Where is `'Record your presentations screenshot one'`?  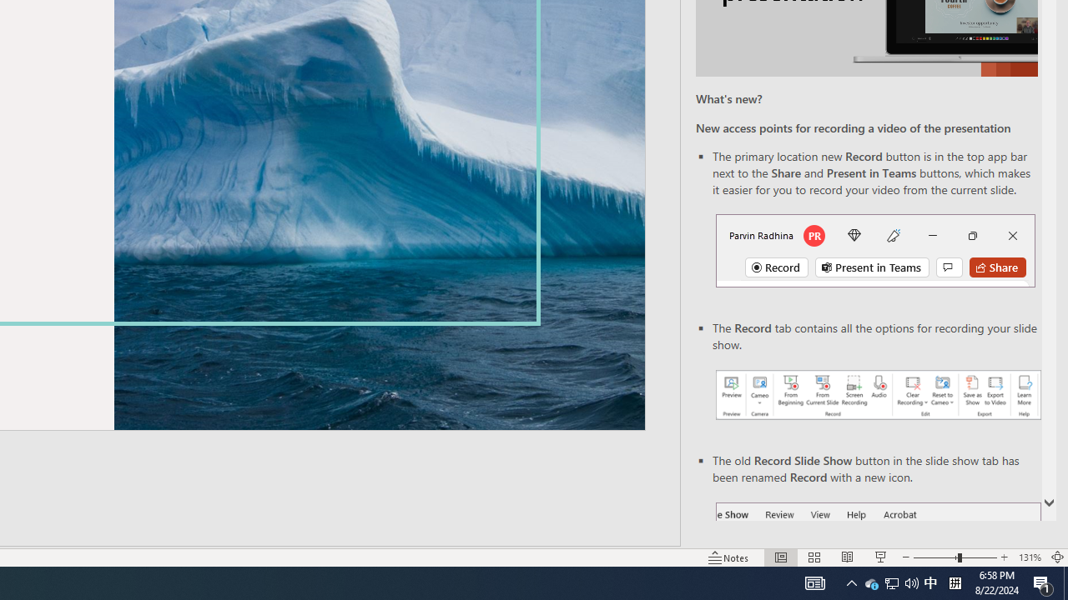
'Record your presentations screenshot one' is located at coordinates (877, 395).